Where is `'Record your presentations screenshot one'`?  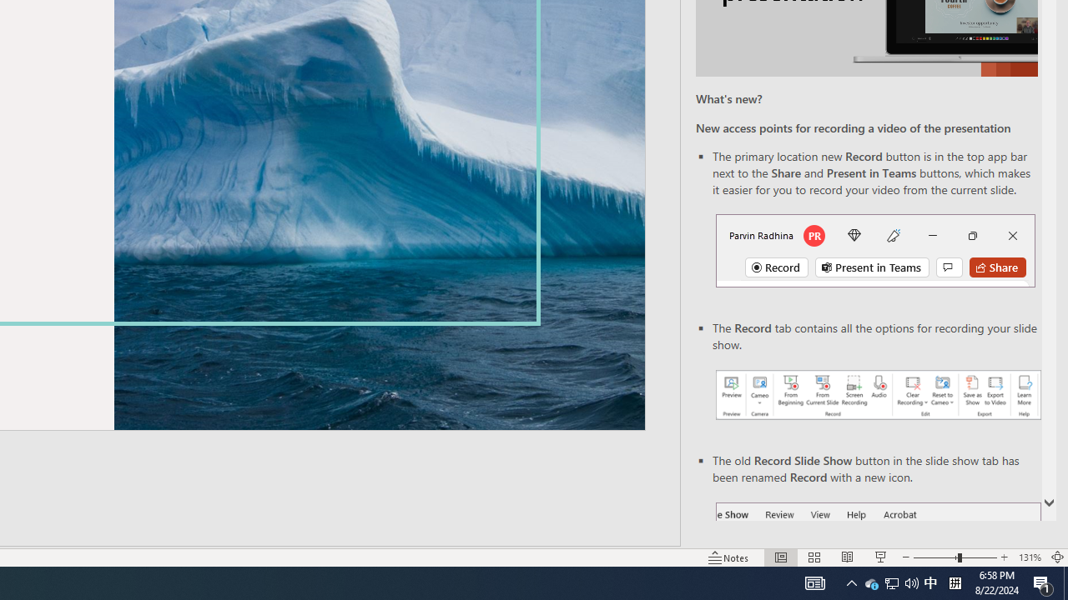
'Record your presentations screenshot one' is located at coordinates (877, 395).